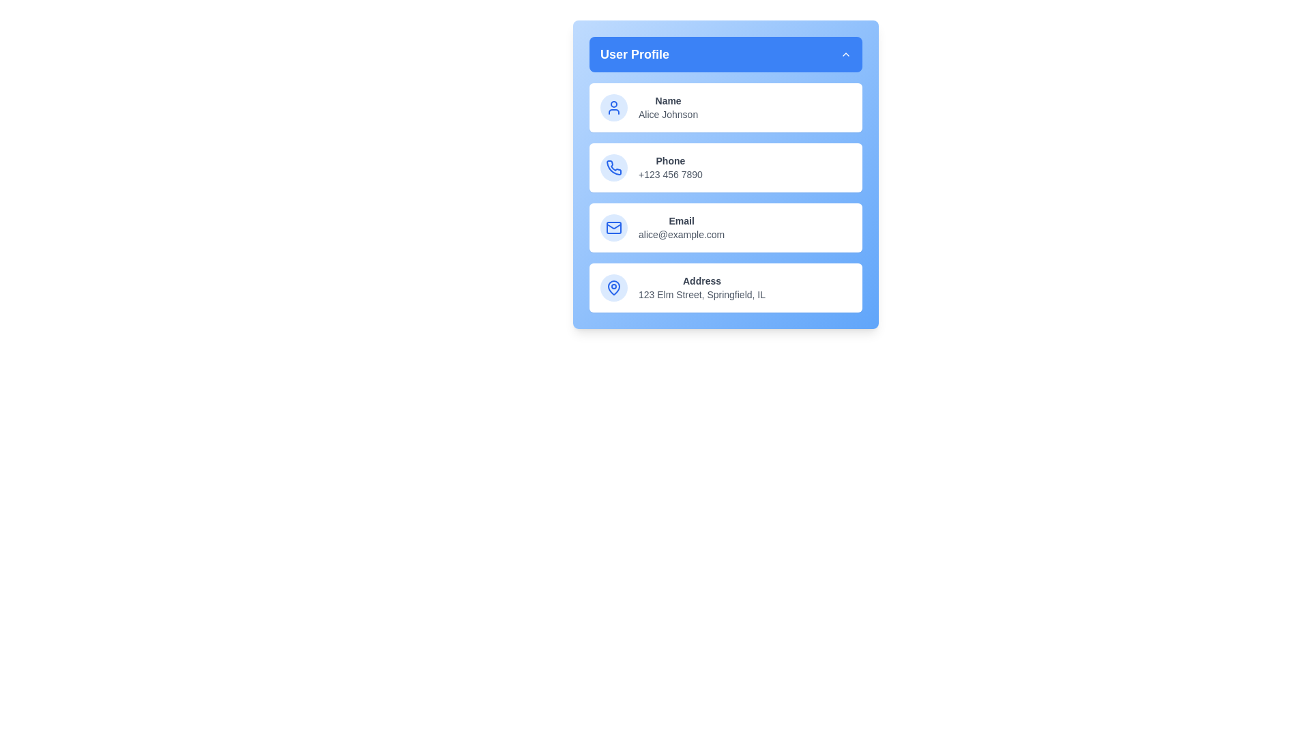 The height and width of the screenshot is (737, 1310). Describe the element at coordinates (613, 286) in the screenshot. I see `the blue pin or location marker icon located in the bottom entry of the 'Address' list, which contains the text '123 Elm Street, Springfield, IL'` at that location.